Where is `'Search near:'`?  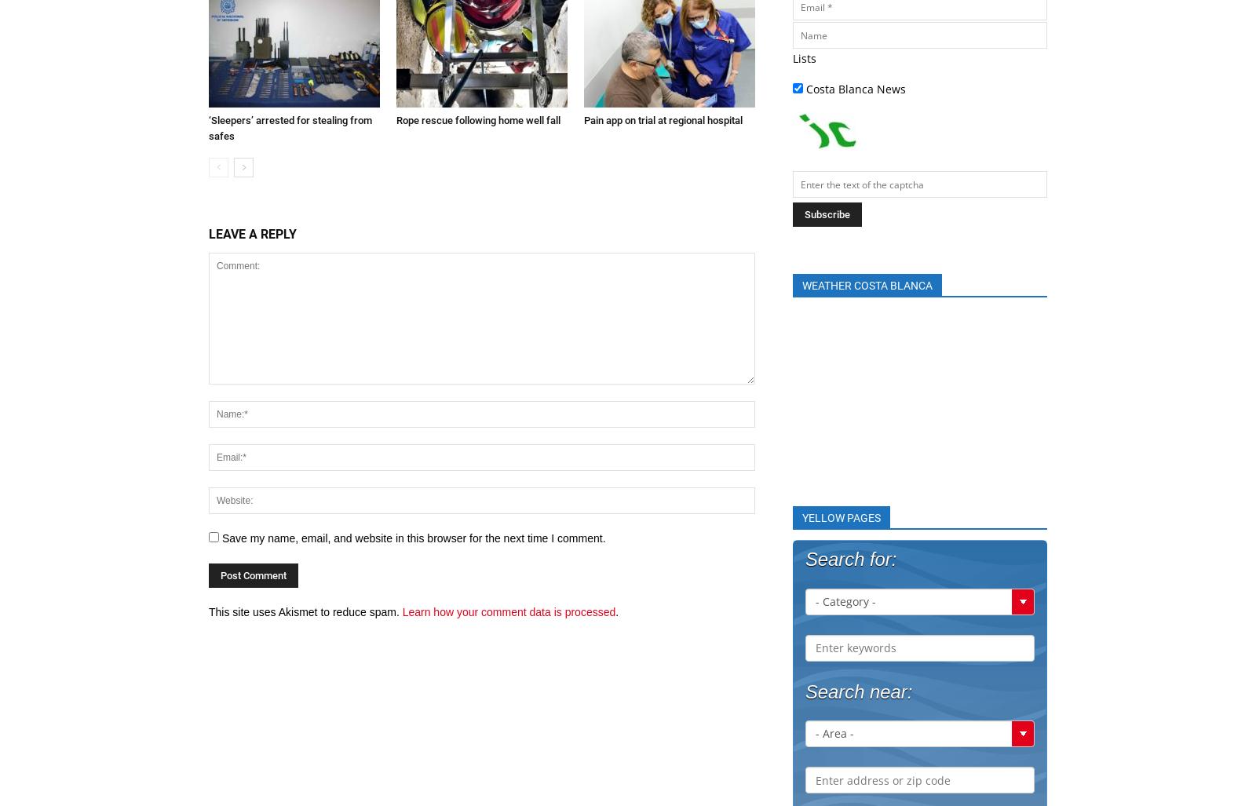 'Search near:' is located at coordinates (858, 690).